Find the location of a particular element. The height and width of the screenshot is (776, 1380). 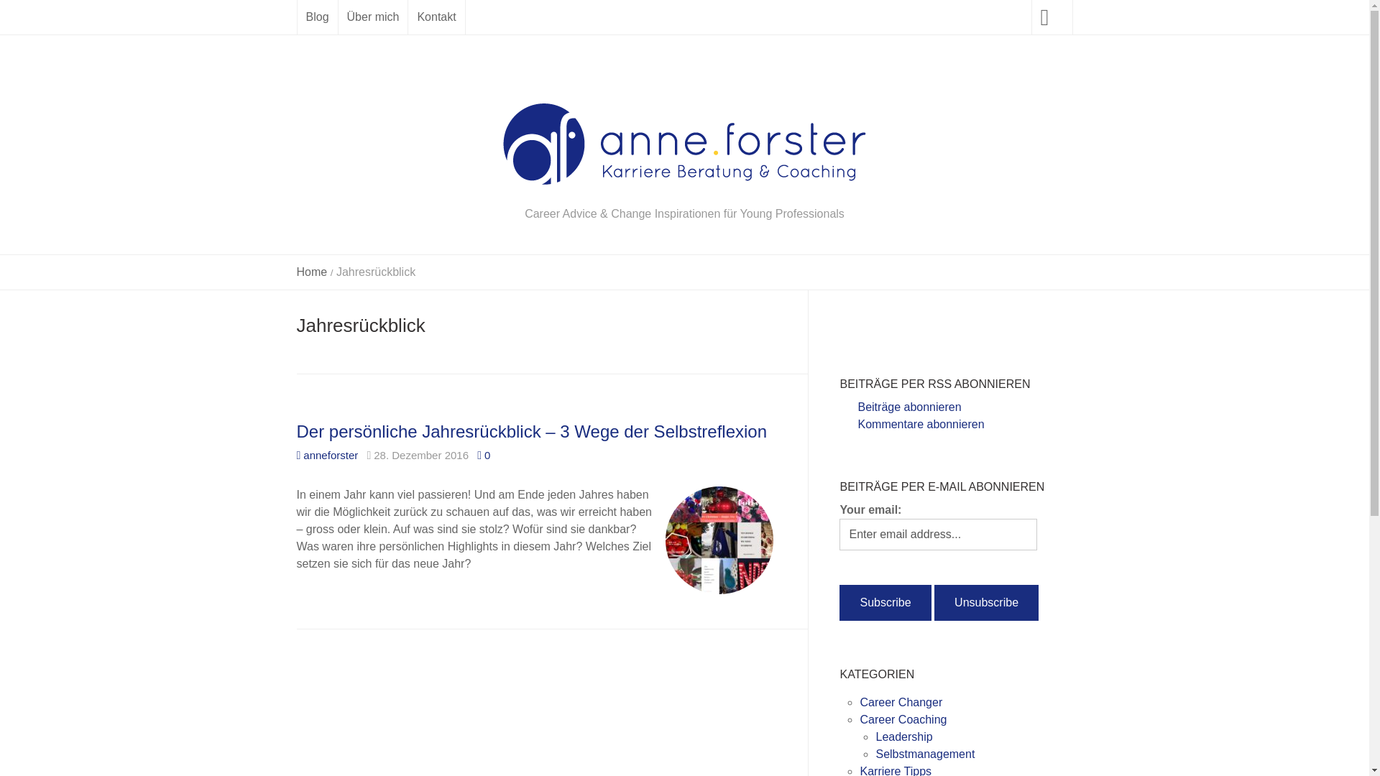

'Leadership' is located at coordinates (903, 736).